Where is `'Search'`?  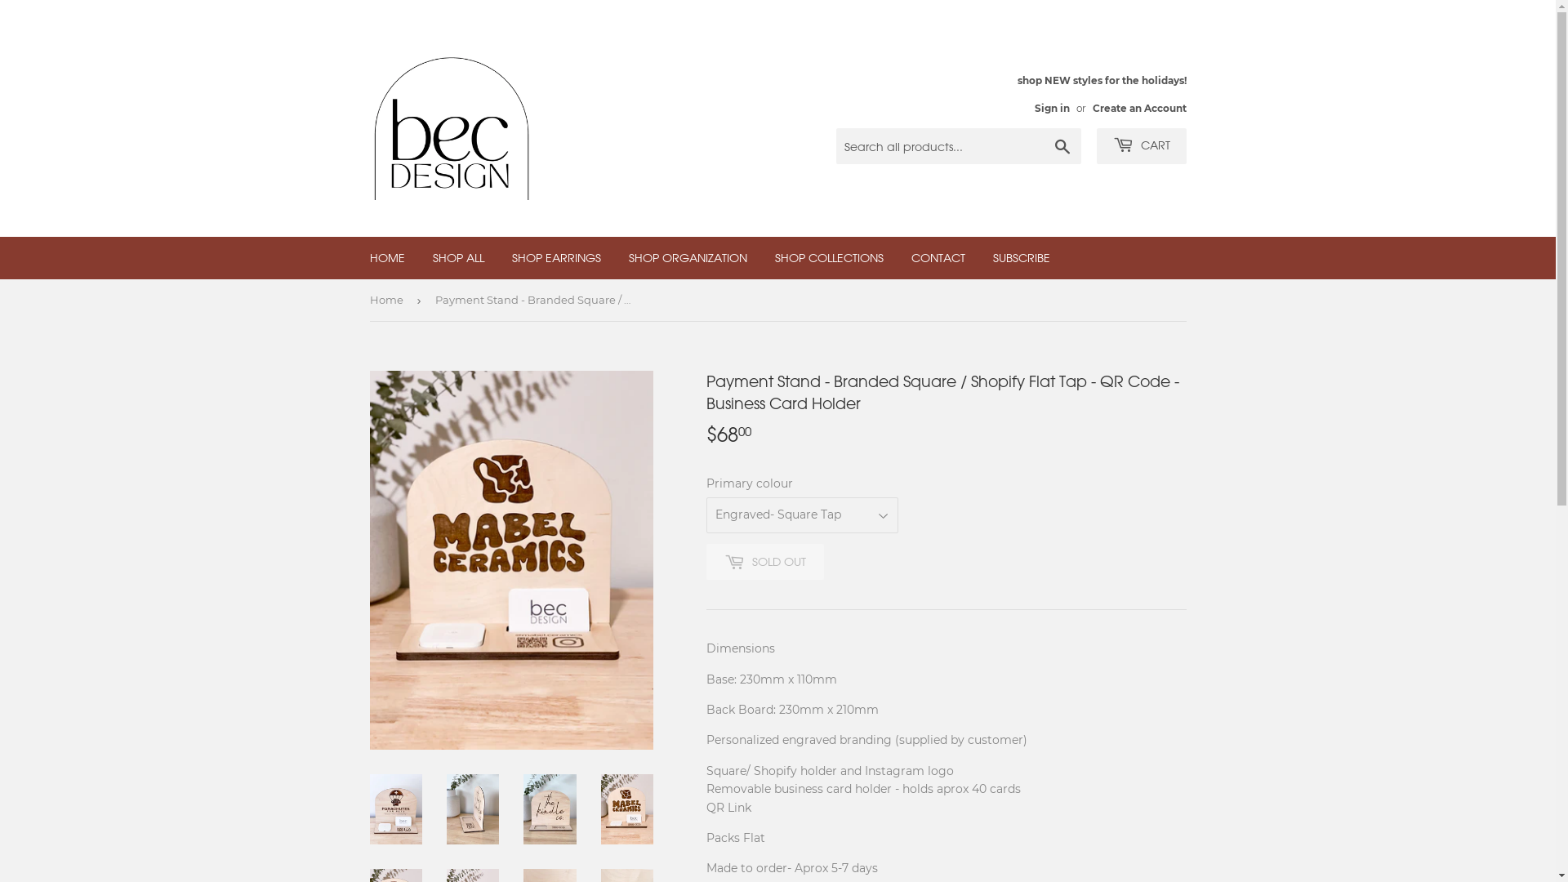
'Search' is located at coordinates (1062, 147).